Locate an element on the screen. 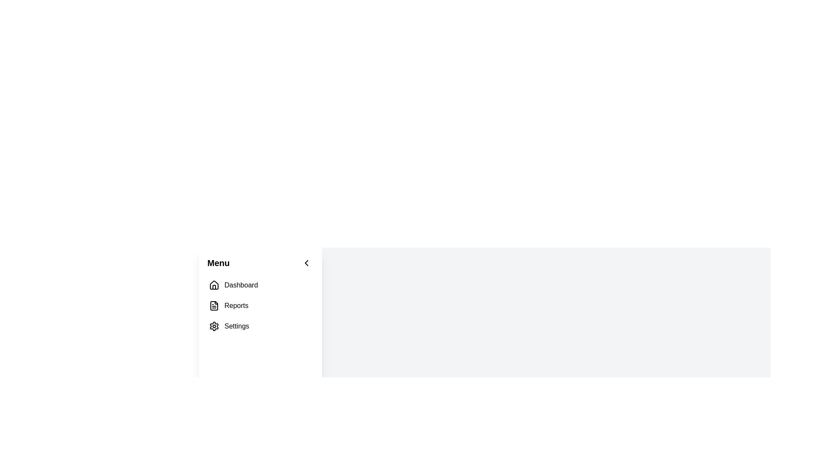 The width and height of the screenshot is (821, 462). the document icon in the sidebar menu is located at coordinates (214, 305).